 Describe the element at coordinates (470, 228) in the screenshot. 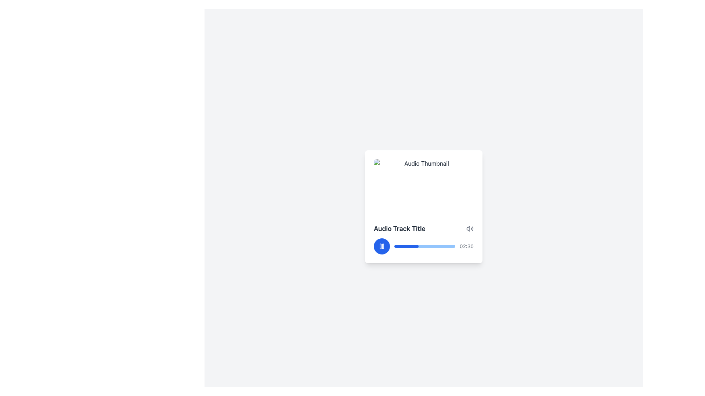

I see `the volume indicator icon located at the top-right corner of the 'Audio Track Title' card` at that location.